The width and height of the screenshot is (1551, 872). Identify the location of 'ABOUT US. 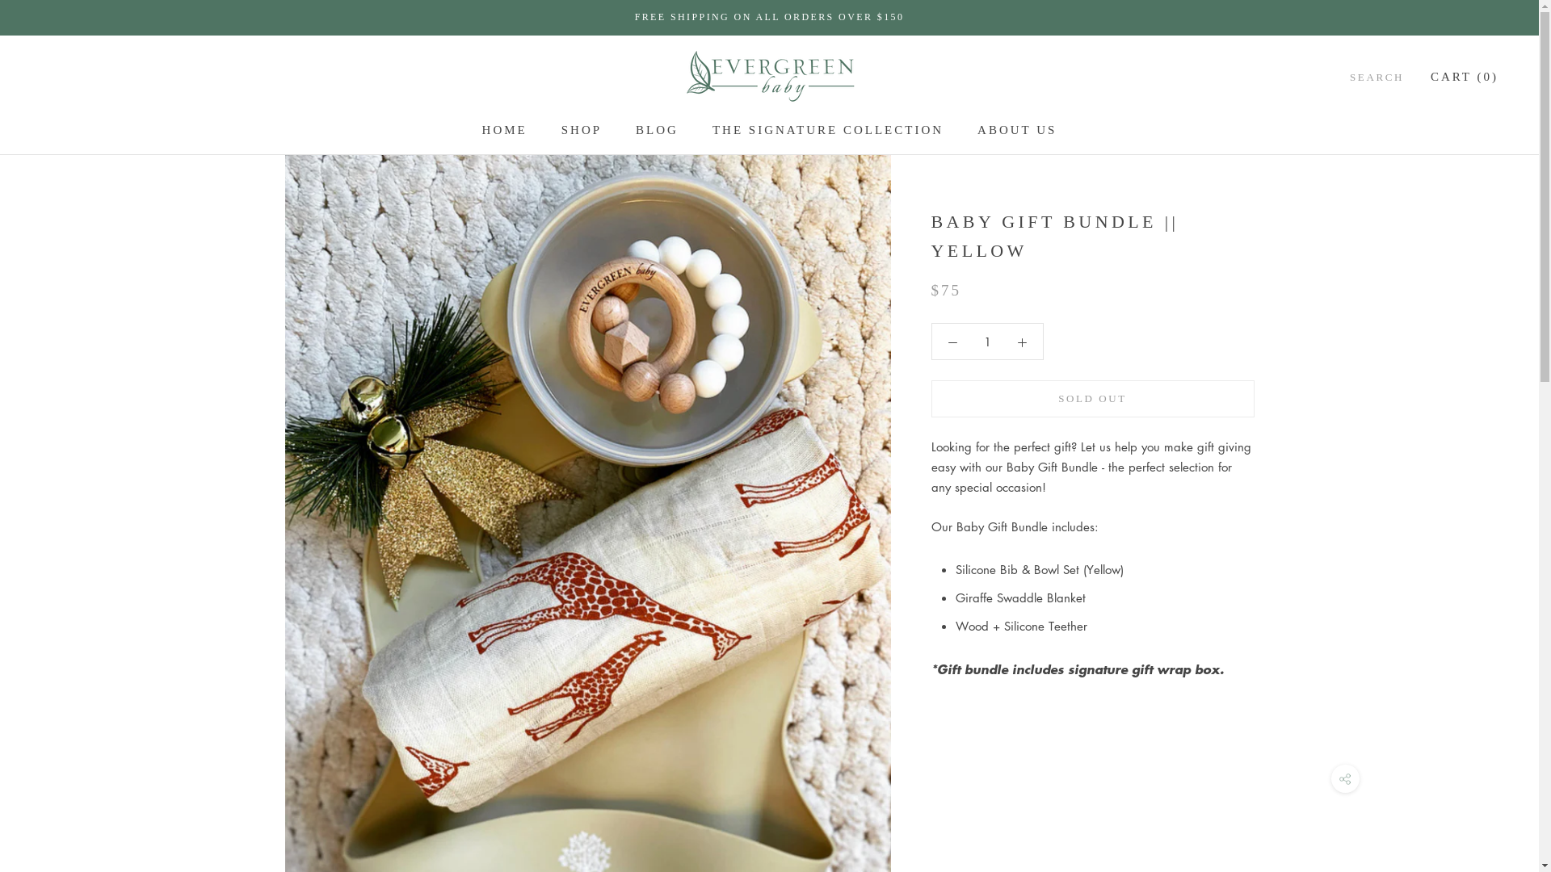
(1015, 129).